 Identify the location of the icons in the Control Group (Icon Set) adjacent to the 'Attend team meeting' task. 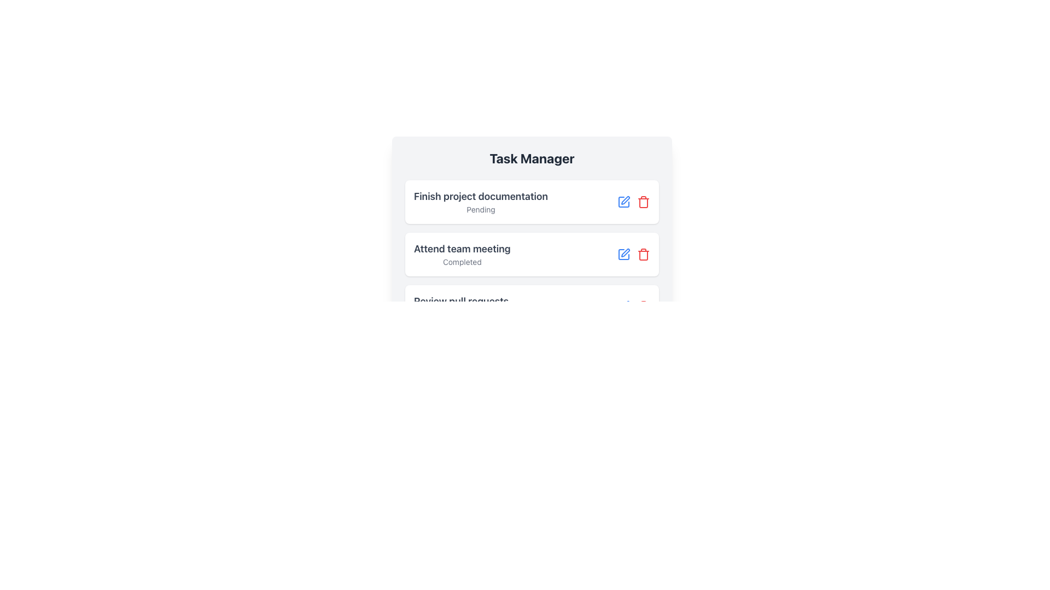
(633, 255).